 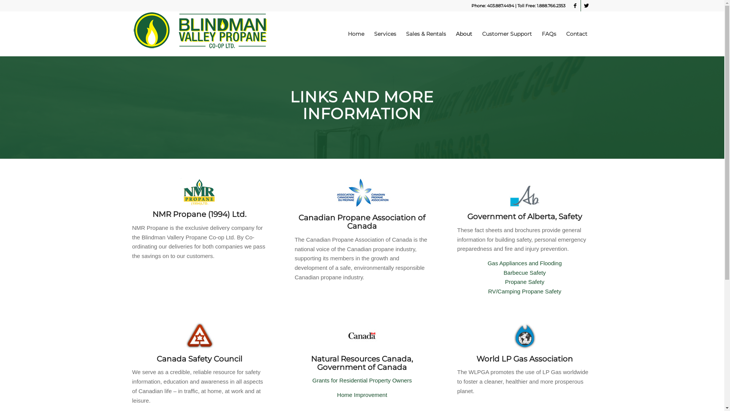 What do you see at coordinates (200, 30) in the screenshot?
I see `'Blindman Valley Propane Co-op'` at bounding box center [200, 30].